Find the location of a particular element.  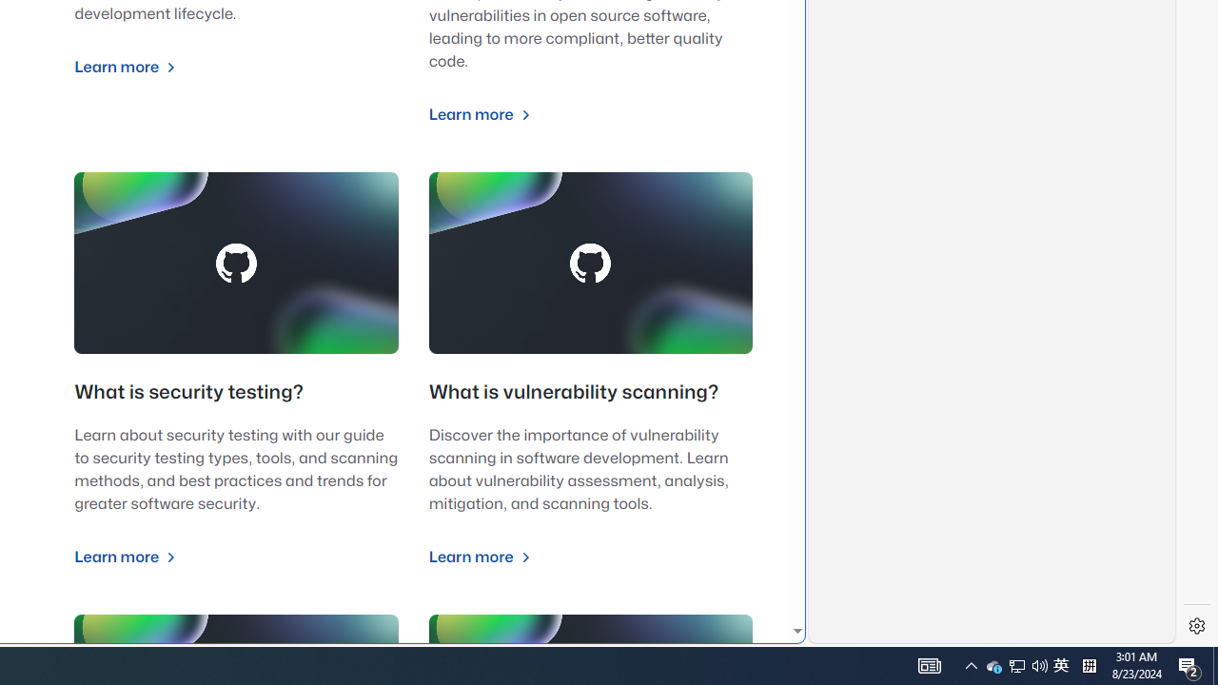

'What is vulnerability scanning?' is located at coordinates (573, 392).